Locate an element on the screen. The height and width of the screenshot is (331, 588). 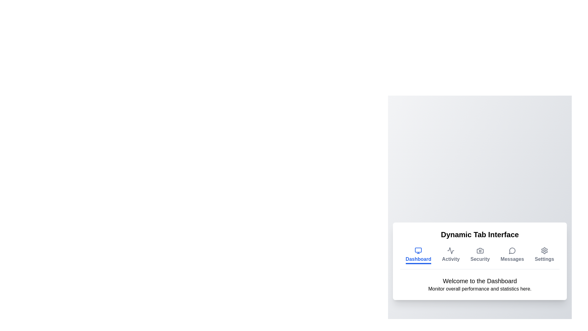
the 'Activity' icon in the horizontal navigation list at the center-top region of the card interface is located at coordinates (451, 250).